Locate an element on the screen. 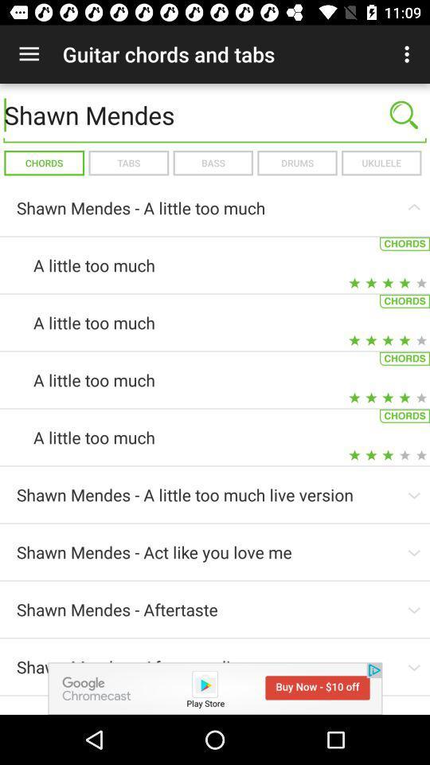 This screenshot has height=765, width=430. the icon above the shawn mendes a icon is located at coordinates (381, 163).